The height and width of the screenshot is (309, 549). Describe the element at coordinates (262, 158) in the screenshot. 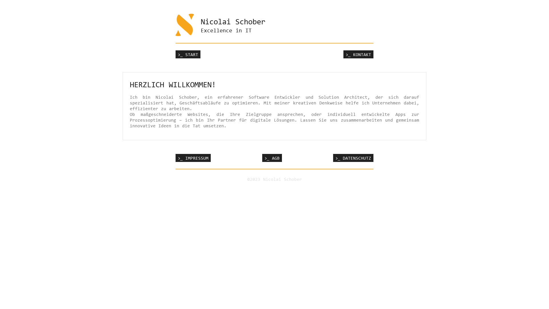

I see `'>_ AGB'` at that location.